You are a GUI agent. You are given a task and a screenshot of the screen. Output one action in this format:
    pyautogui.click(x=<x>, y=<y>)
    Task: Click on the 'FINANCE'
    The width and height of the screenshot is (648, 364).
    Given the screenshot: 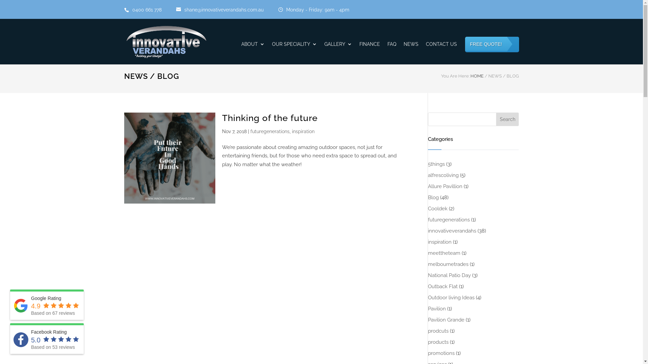 What is the action you would take?
    pyautogui.click(x=369, y=53)
    